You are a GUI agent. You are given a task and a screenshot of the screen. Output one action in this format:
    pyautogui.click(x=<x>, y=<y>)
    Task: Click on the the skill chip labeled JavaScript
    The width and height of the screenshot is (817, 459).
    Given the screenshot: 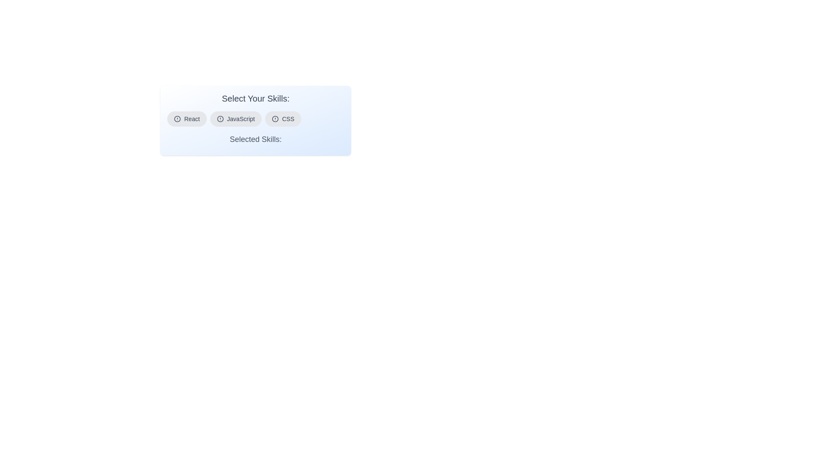 What is the action you would take?
    pyautogui.click(x=235, y=119)
    